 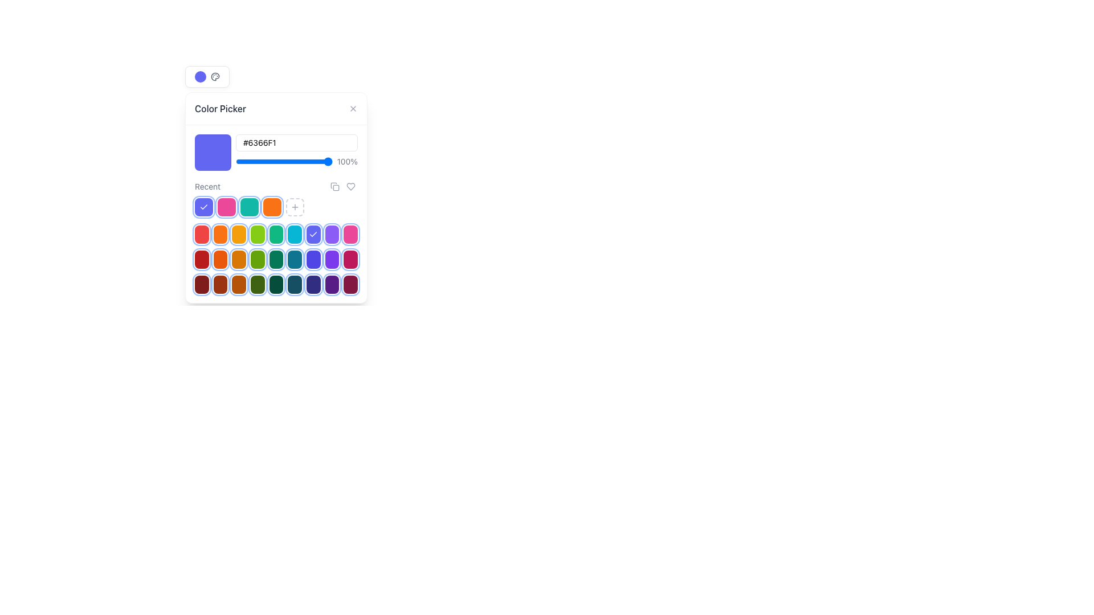 I want to click on the maroon color selection button located in the bottom-right corner of the color picker interface, so click(x=350, y=284).